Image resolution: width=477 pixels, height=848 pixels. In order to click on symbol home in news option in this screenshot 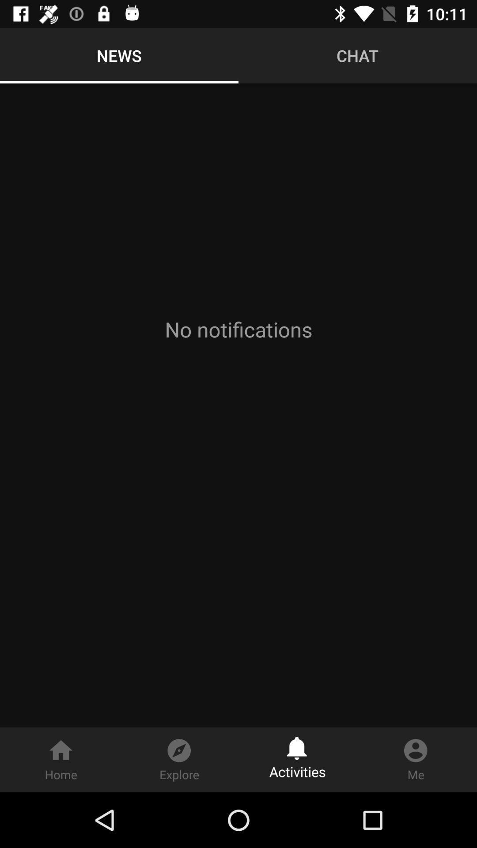, I will do `click(61, 759)`.